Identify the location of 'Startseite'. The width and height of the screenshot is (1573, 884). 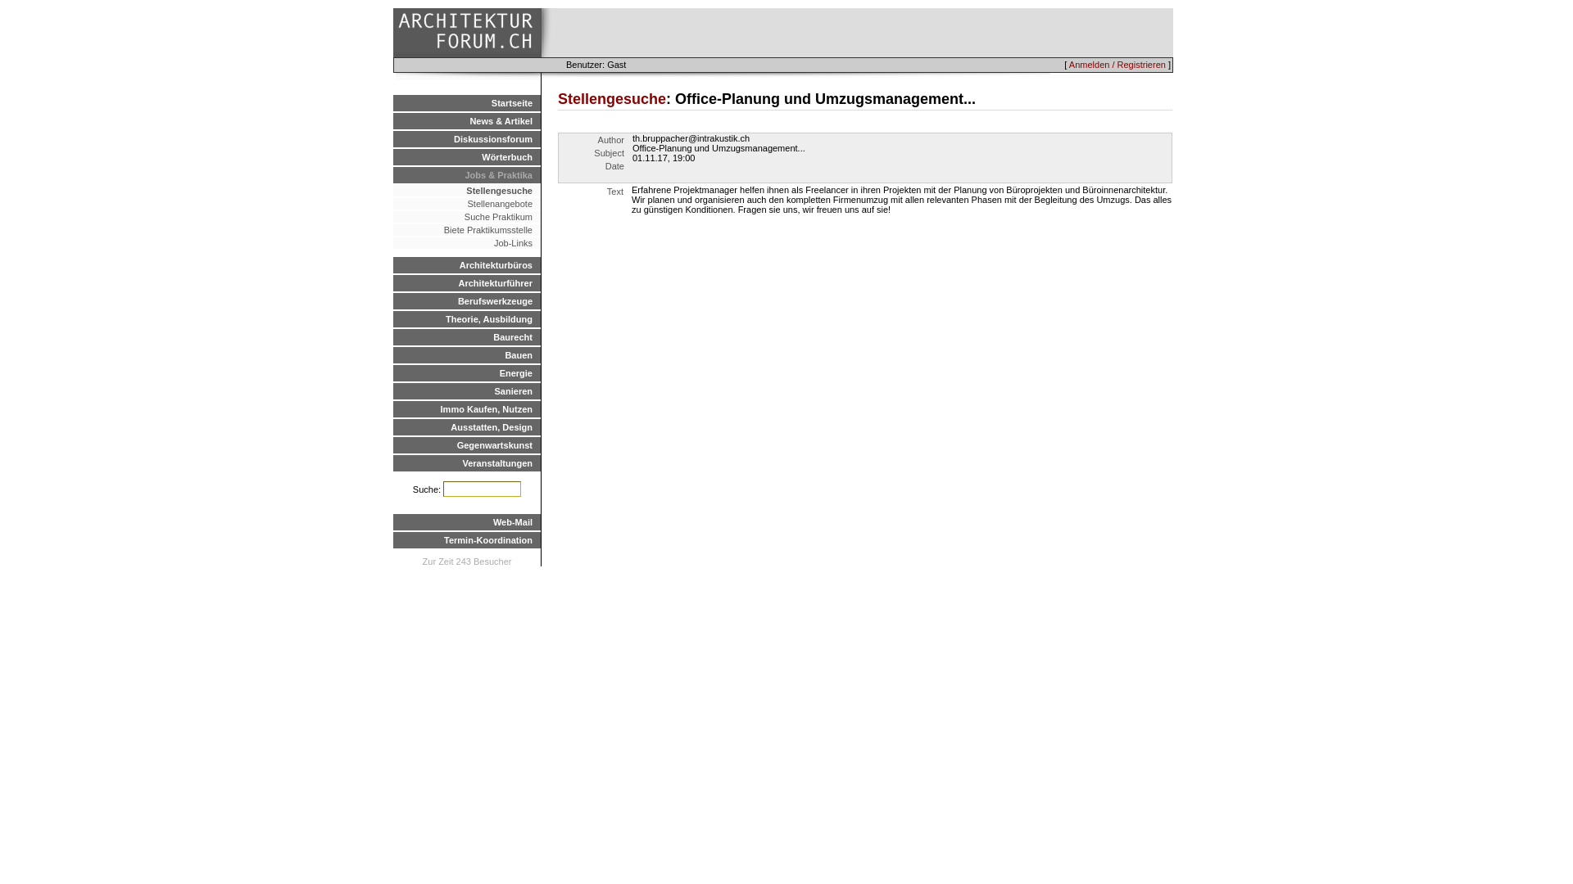
(466, 103).